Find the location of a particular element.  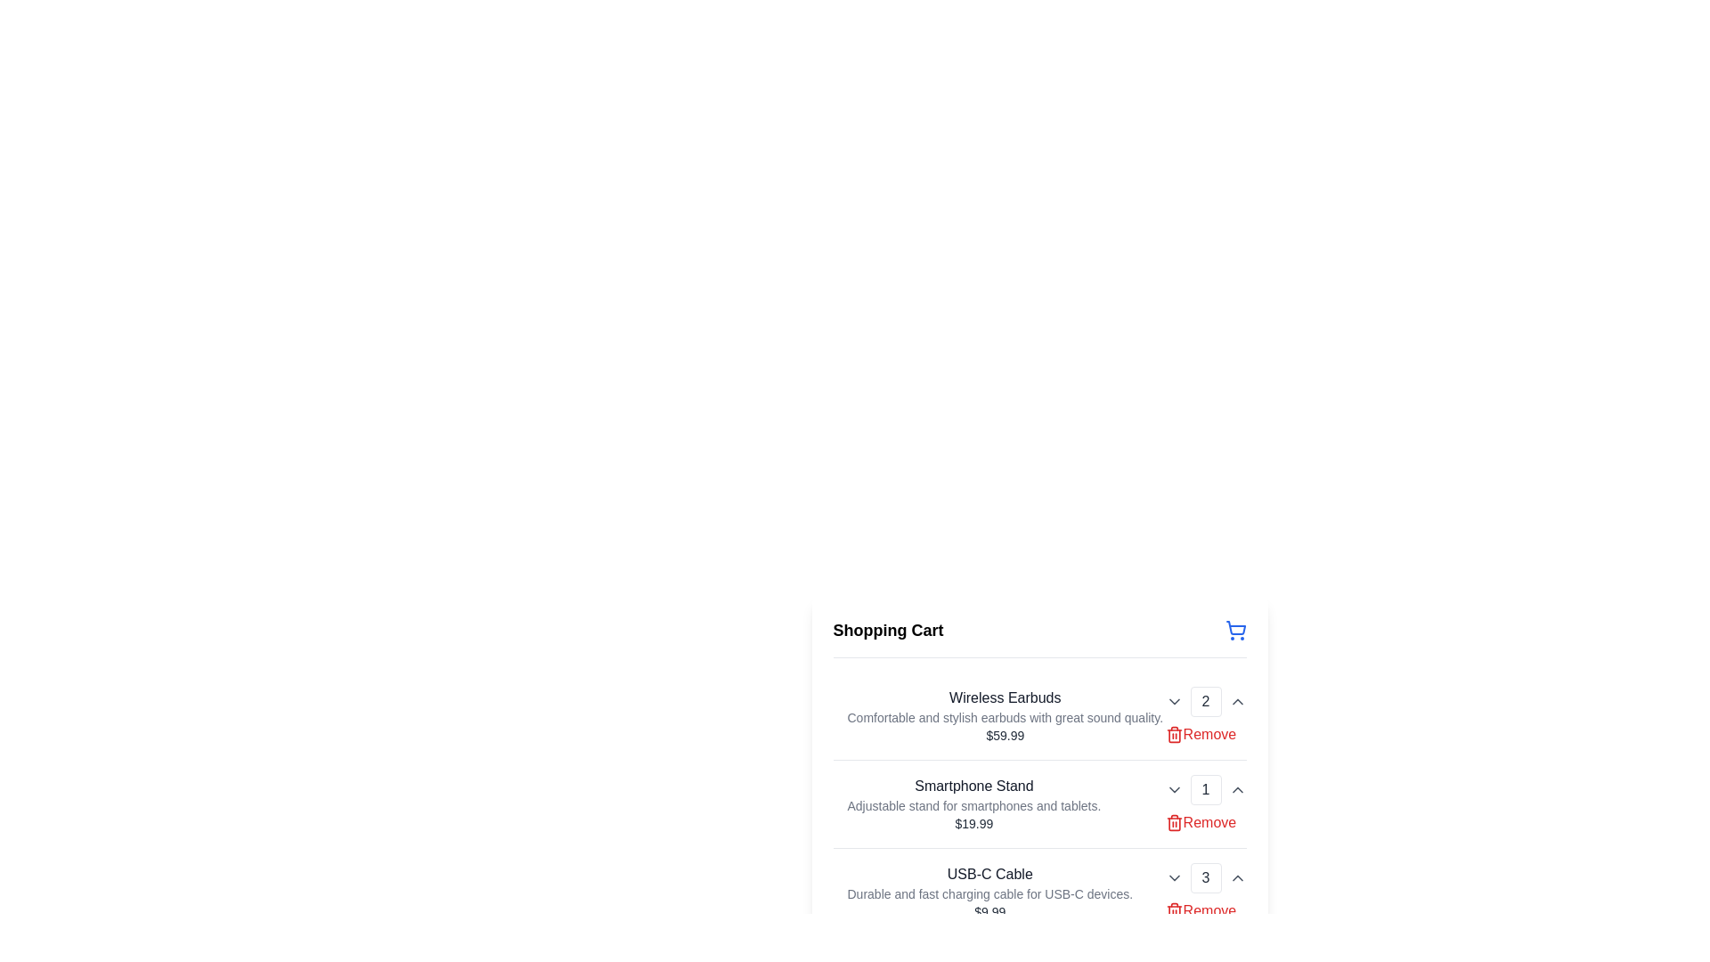

the descriptive text element displaying 'Durable and fast charging cable for USB-C devices.' located under the product title 'USB-C Cable' and above the price '$9.99' is located at coordinates (989, 893).